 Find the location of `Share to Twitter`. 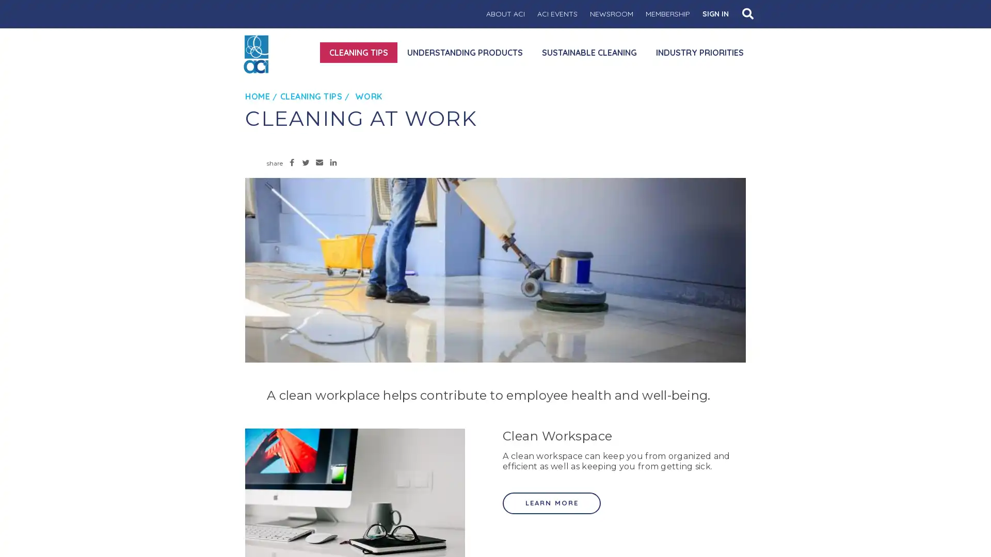

Share to Twitter is located at coordinates (303, 162).